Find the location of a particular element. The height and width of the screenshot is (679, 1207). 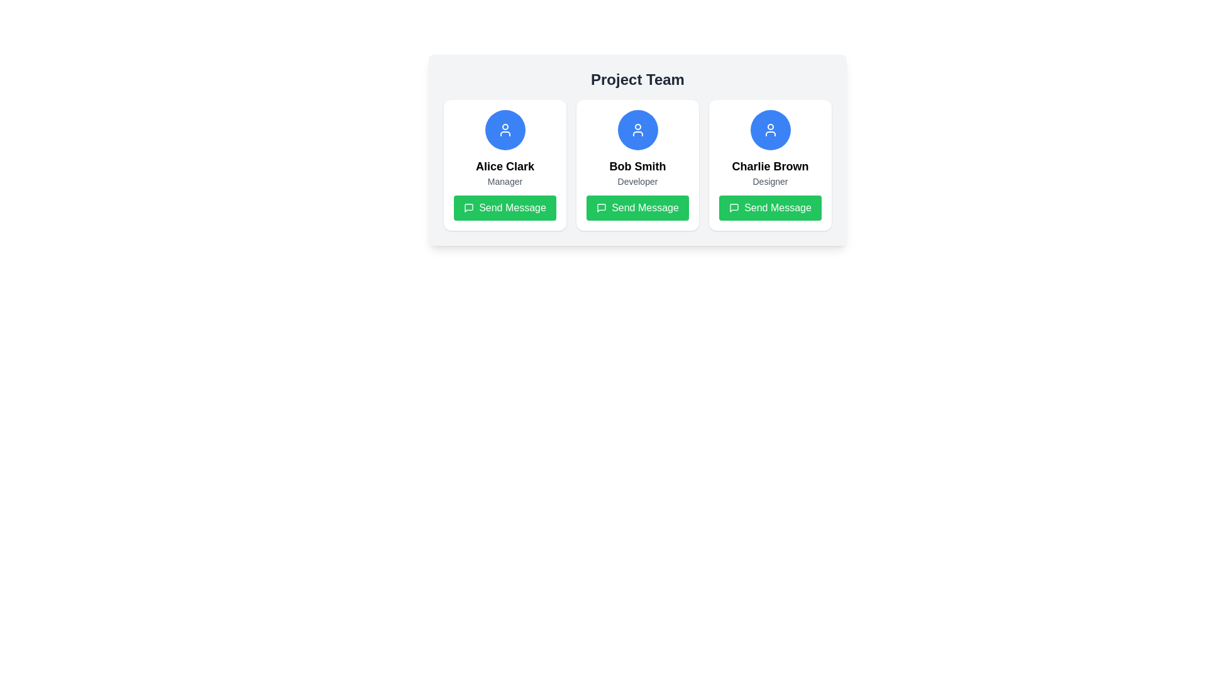

the user profile card located in the upper left corner of the grid layout is located at coordinates (505, 164).